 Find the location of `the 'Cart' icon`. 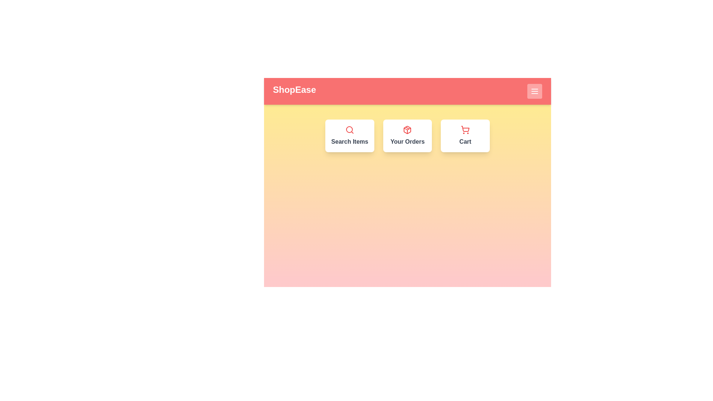

the 'Cart' icon is located at coordinates (465, 136).